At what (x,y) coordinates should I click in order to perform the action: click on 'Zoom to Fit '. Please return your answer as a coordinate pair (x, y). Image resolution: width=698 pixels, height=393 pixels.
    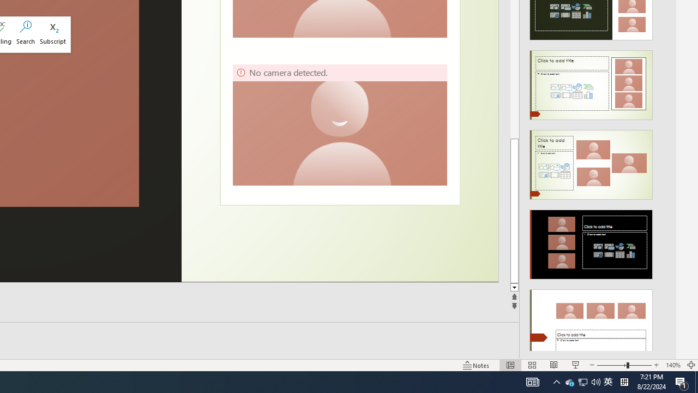
    Looking at the image, I should click on (690, 365).